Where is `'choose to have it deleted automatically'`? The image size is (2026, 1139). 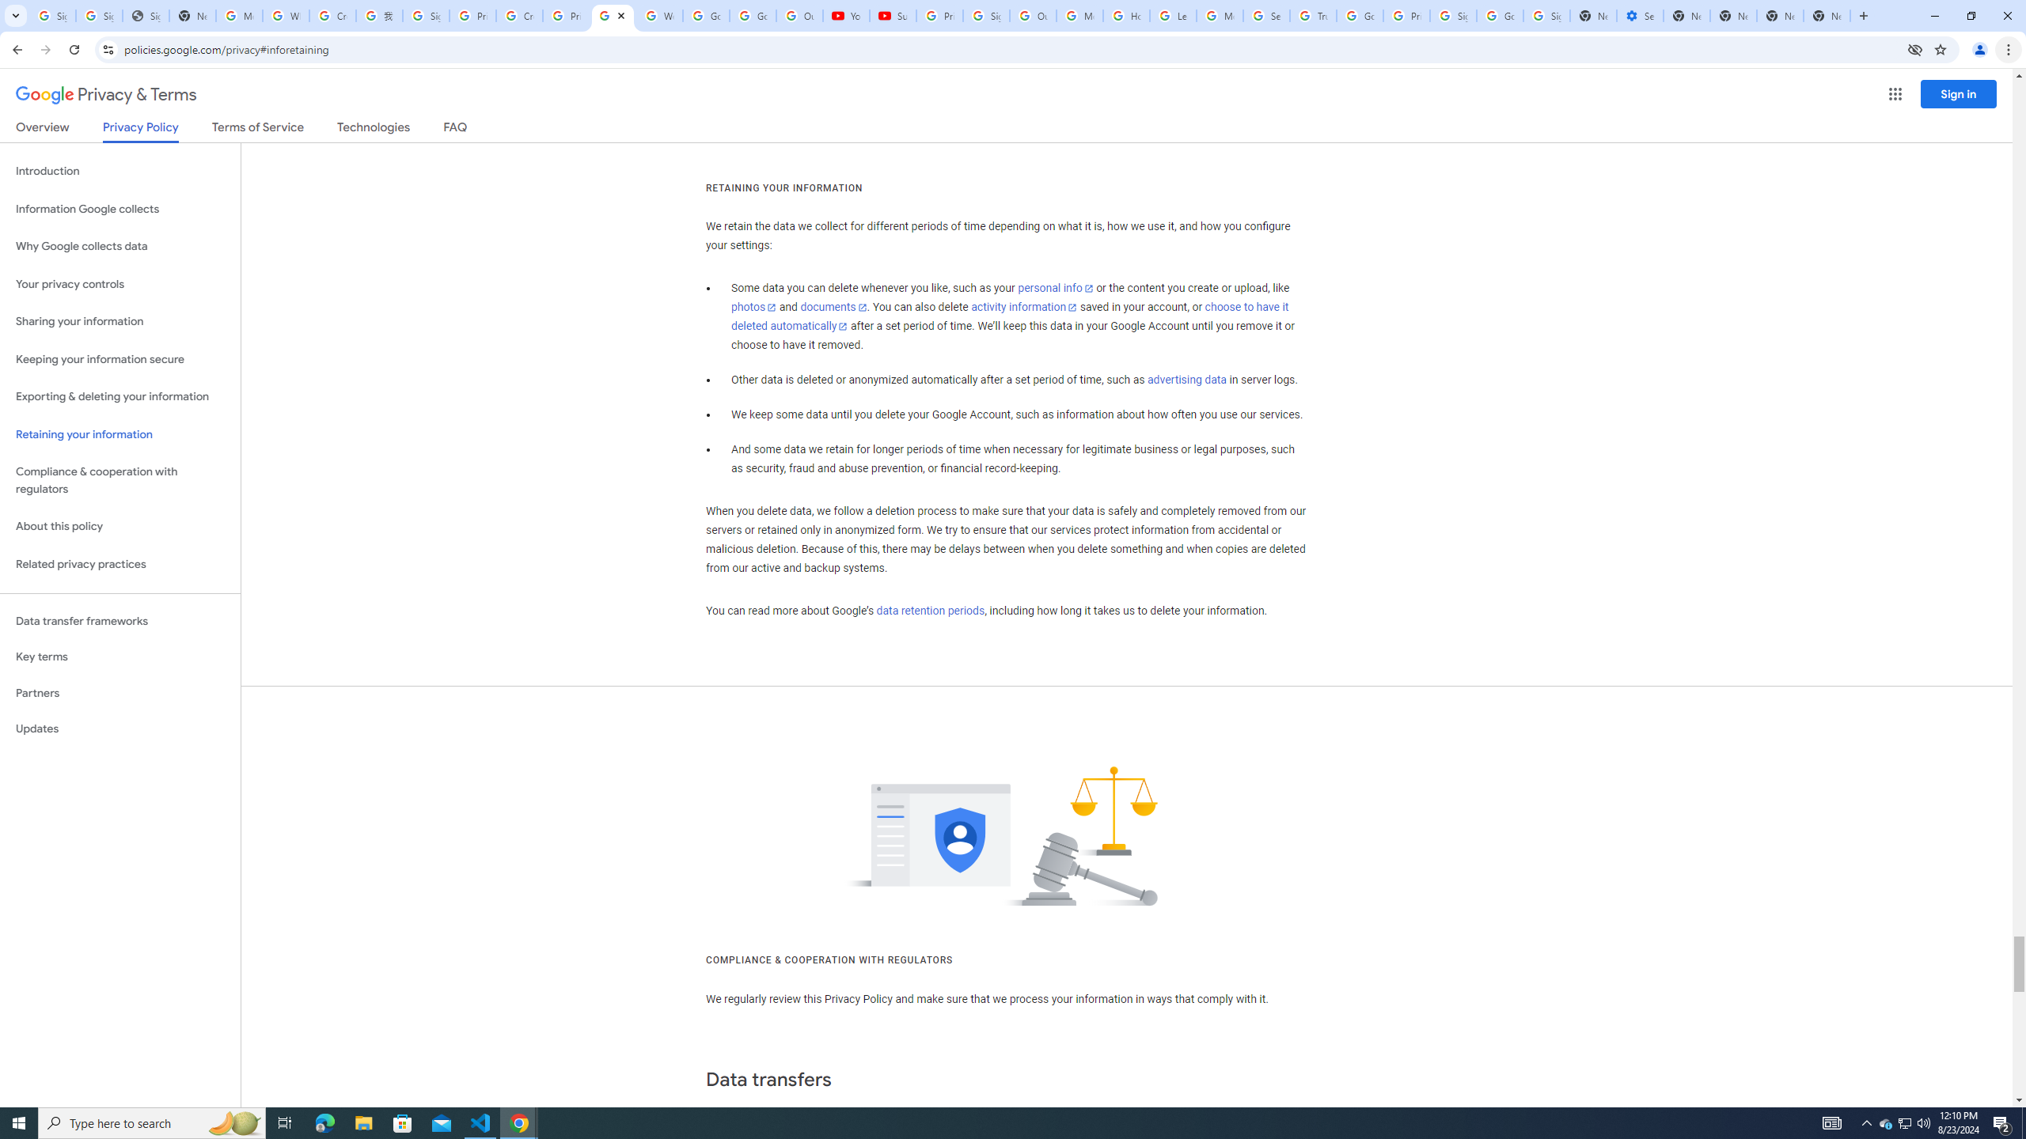 'choose to have it deleted automatically' is located at coordinates (1009, 317).